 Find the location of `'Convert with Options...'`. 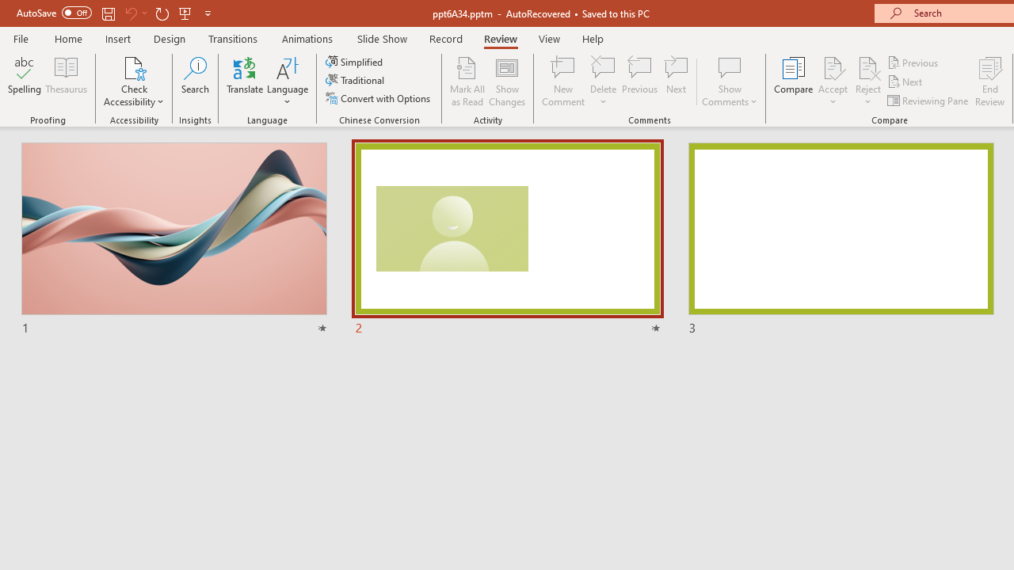

'Convert with Options...' is located at coordinates (379, 98).